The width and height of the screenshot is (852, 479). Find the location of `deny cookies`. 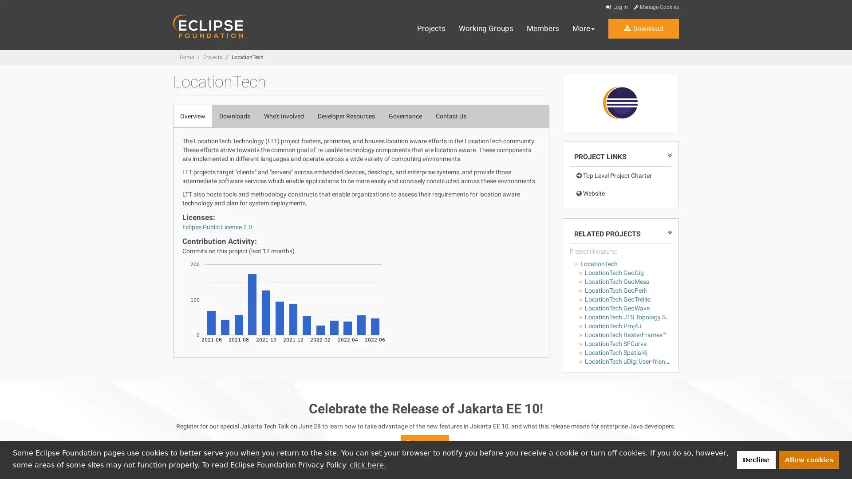

deny cookies is located at coordinates (755, 459).